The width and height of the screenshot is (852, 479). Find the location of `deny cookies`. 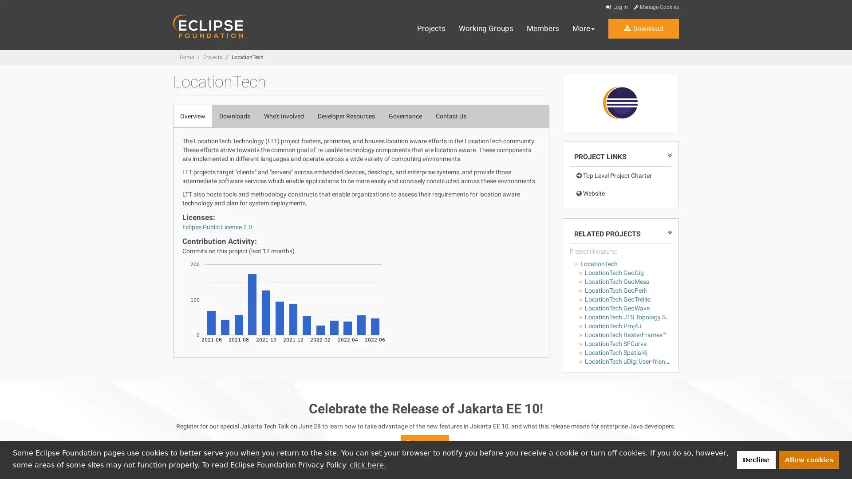

deny cookies is located at coordinates (755, 459).